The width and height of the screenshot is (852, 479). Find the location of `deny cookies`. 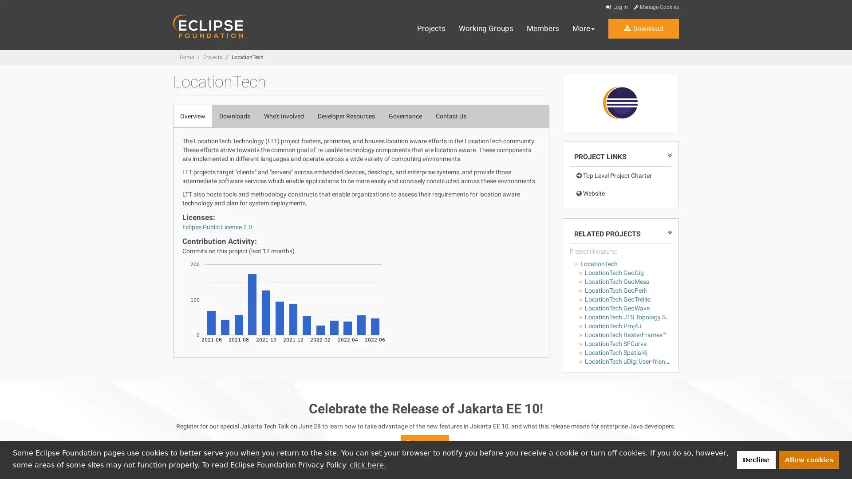

deny cookies is located at coordinates (755, 459).